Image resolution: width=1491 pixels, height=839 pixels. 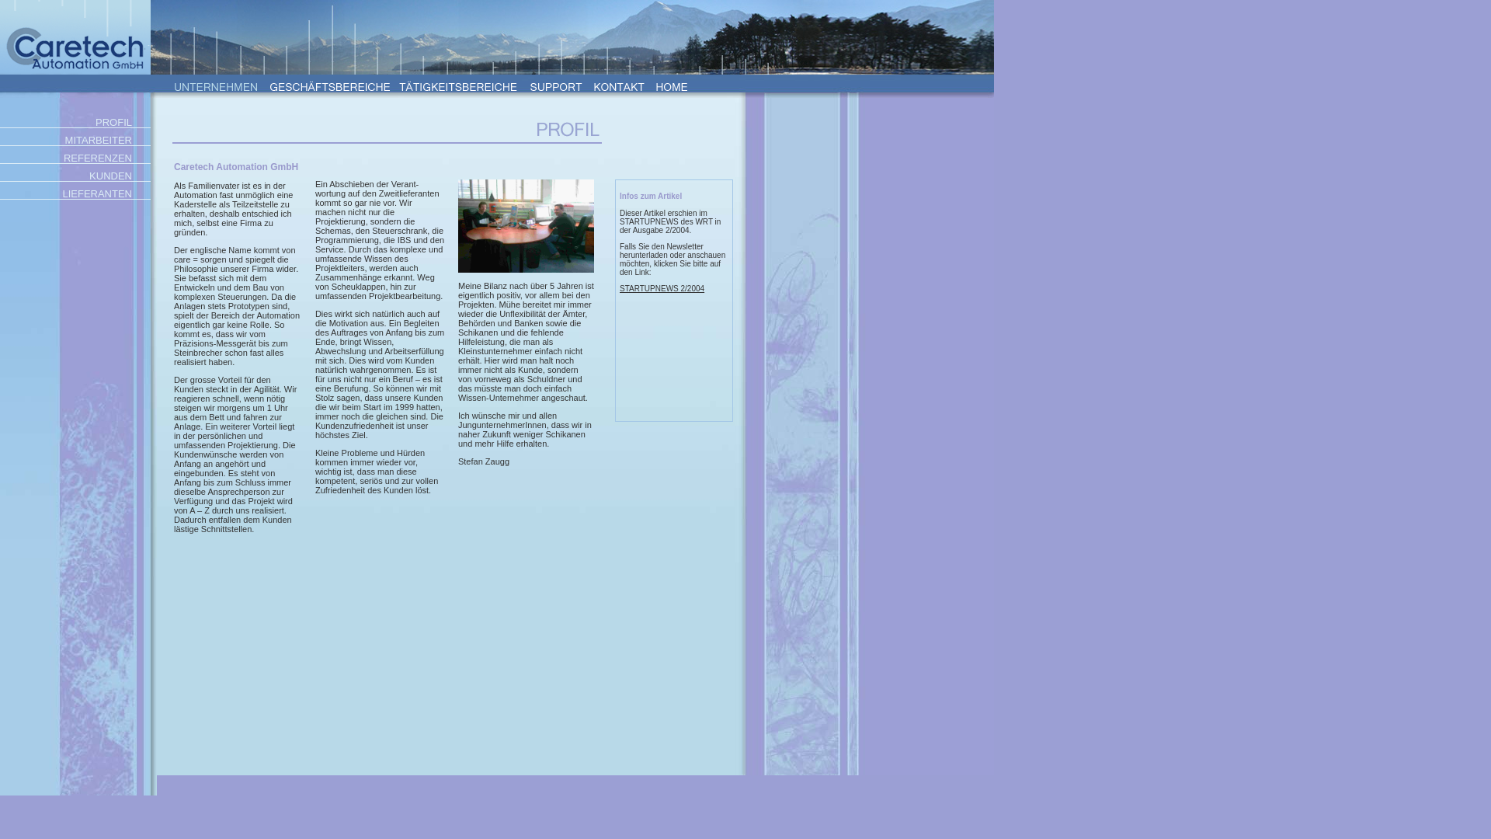 I want to click on 'PROFIL', so click(x=74, y=121).